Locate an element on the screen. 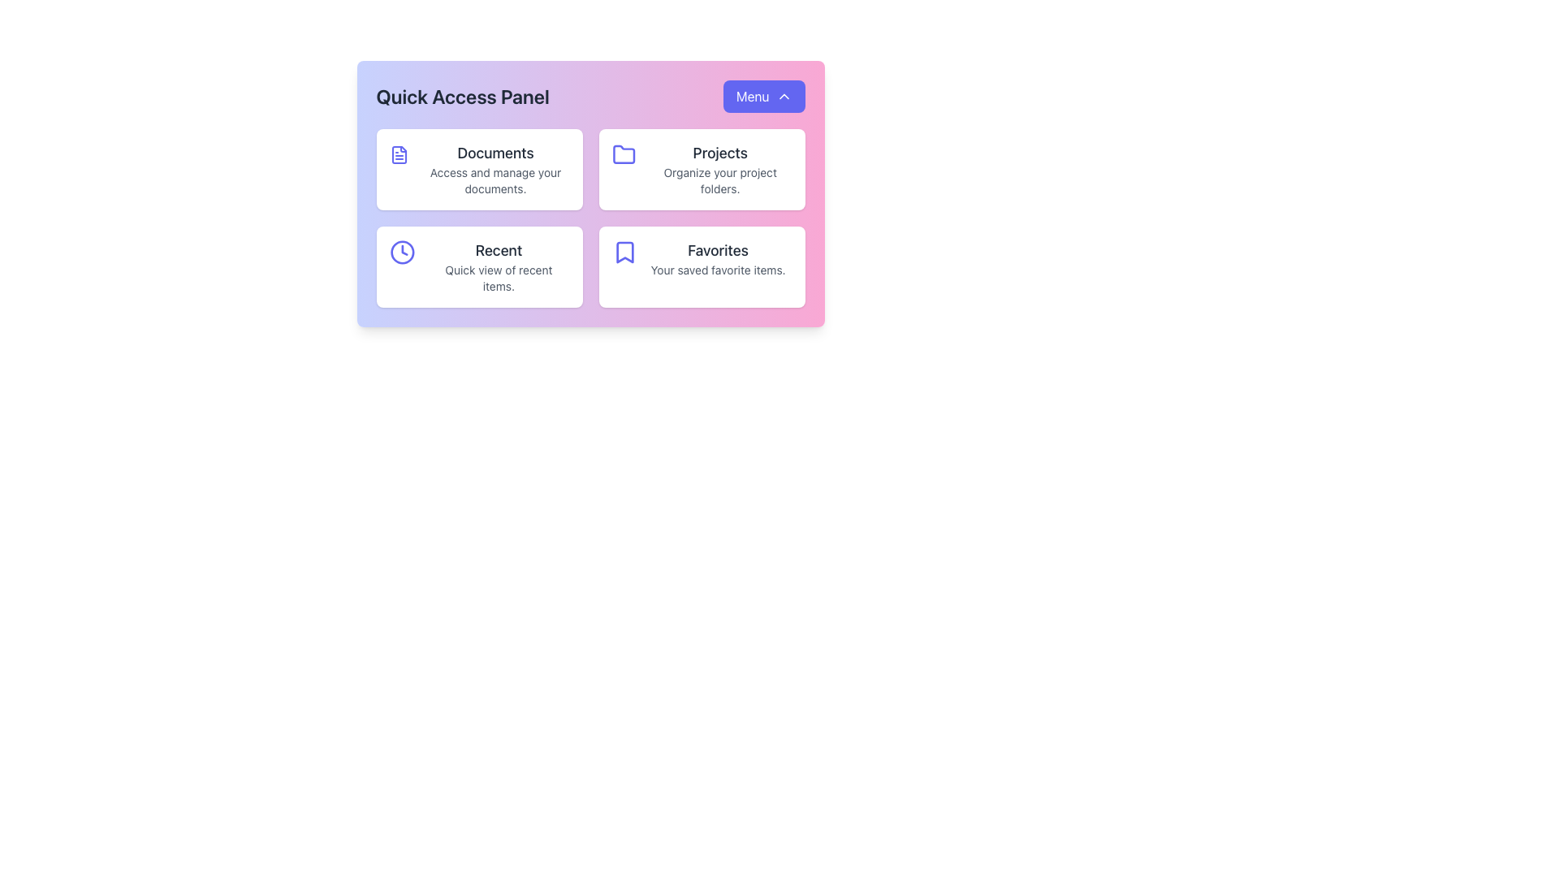 This screenshot has width=1559, height=877. the folder-like icon with a blue hue in the Quick Access Panel under the Projects label to interact with the associated Projects section is located at coordinates (623, 153).